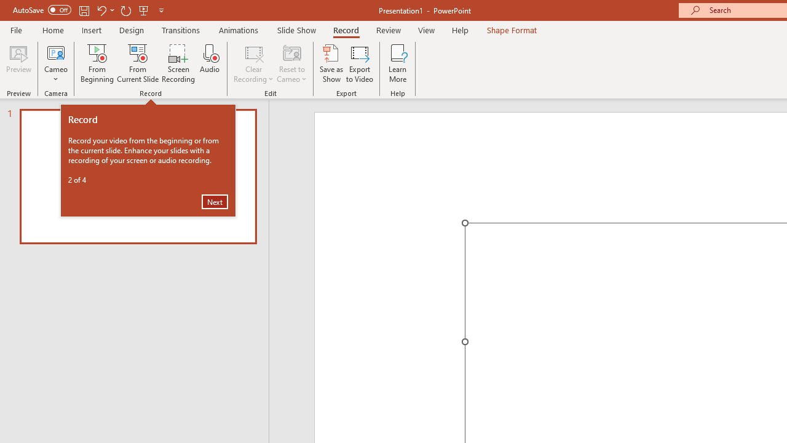 This screenshot has width=787, height=443. What do you see at coordinates (215, 201) in the screenshot?
I see `'Next'` at bounding box center [215, 201].